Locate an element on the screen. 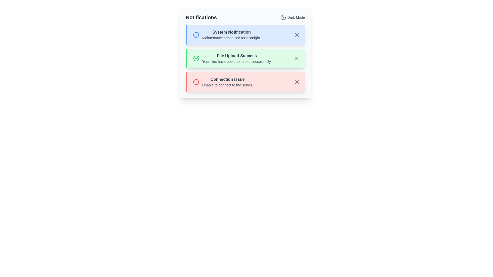 The image size is (493, 277). the close button in the top-right corner of the 'File Upload Success' notification card is located at coordinates (297, 58).